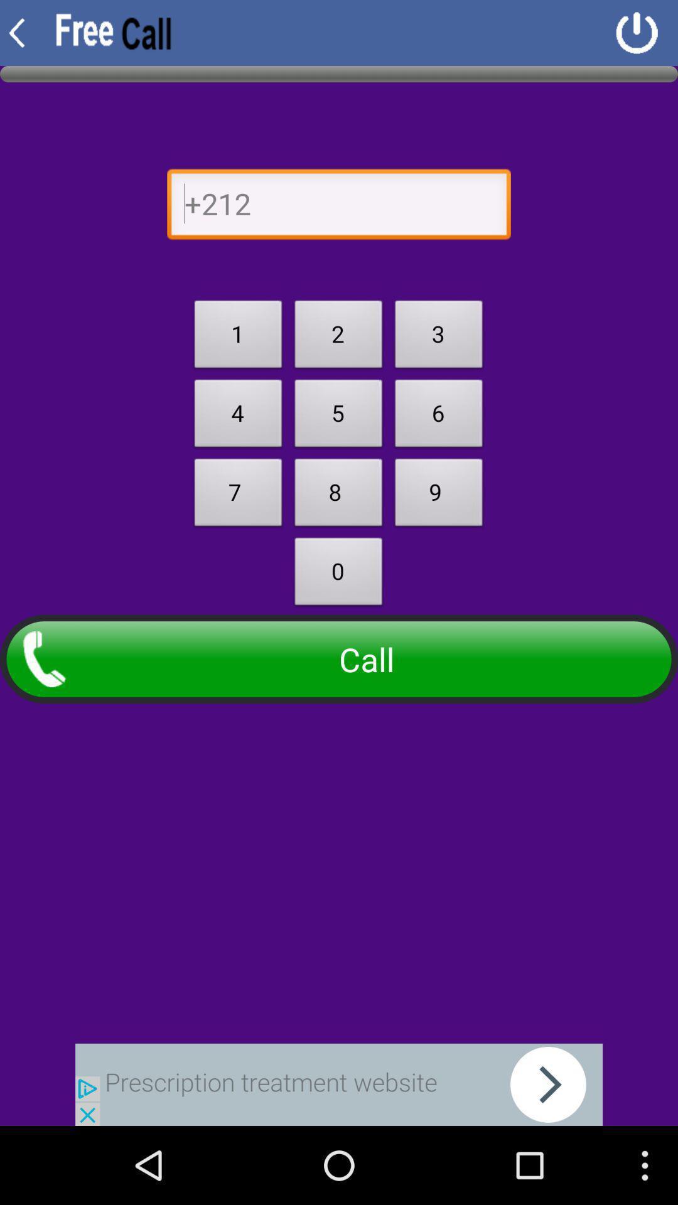 The width and height of the screenshot is (678, 1205). What do you see at coordinates (339, 207) in the screenshot?
I see `number input text box` at bounding box center [339, 207].